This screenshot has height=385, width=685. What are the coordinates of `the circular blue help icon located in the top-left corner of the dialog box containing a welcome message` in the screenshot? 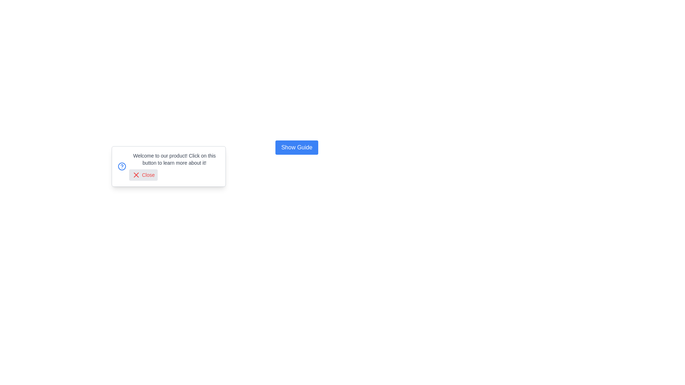 It's located at (122, 166).